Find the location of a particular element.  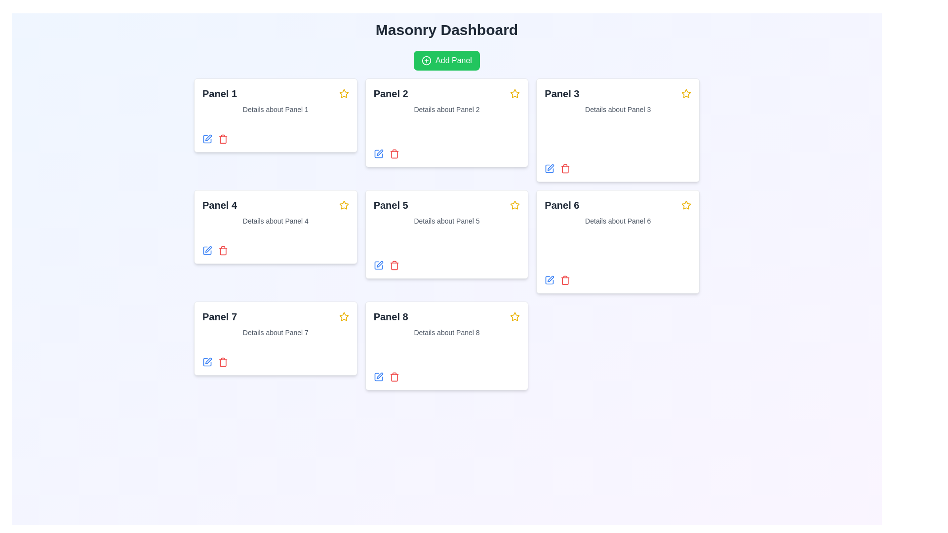

static text label that provides details about 'Panel 3', which is styled in gray color and positioned below the title 'Panel 3' is located at coordinates (617, 110).